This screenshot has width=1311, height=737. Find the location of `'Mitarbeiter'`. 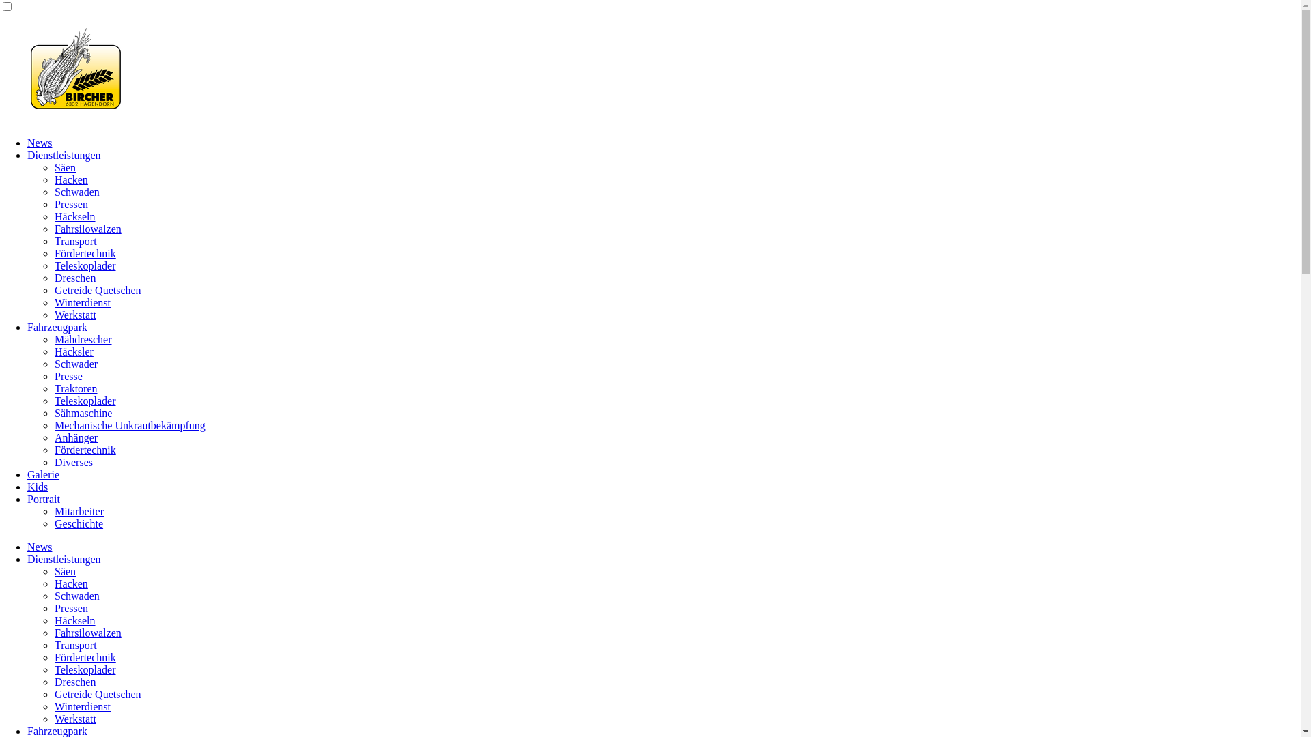

'Mitarbeiter' is located at coordinates (55, 511).